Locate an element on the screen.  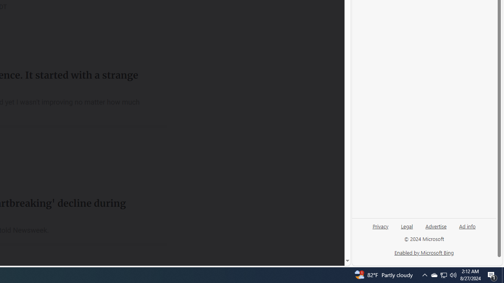
'Advertise' is located at coordinates (435, 226).